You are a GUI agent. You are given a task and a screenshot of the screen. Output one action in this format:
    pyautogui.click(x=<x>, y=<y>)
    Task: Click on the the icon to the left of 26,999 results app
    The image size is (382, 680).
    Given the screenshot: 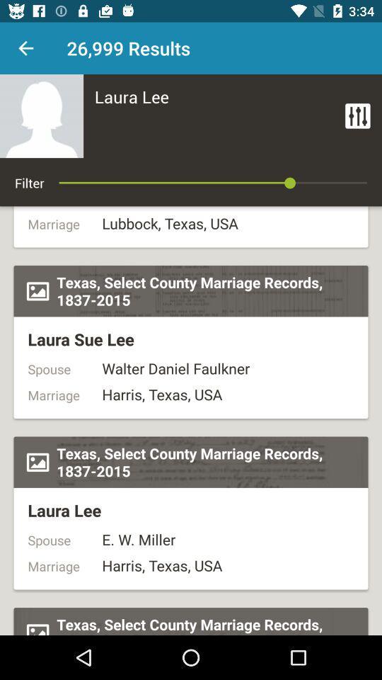 What is the action you would take?
    pyautogui.click(x=25, y=48)
    